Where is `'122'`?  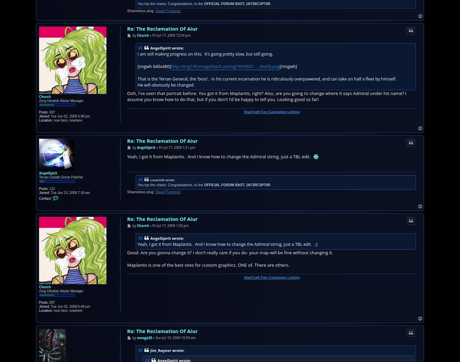
'122' is located at coordinates (51, 188).